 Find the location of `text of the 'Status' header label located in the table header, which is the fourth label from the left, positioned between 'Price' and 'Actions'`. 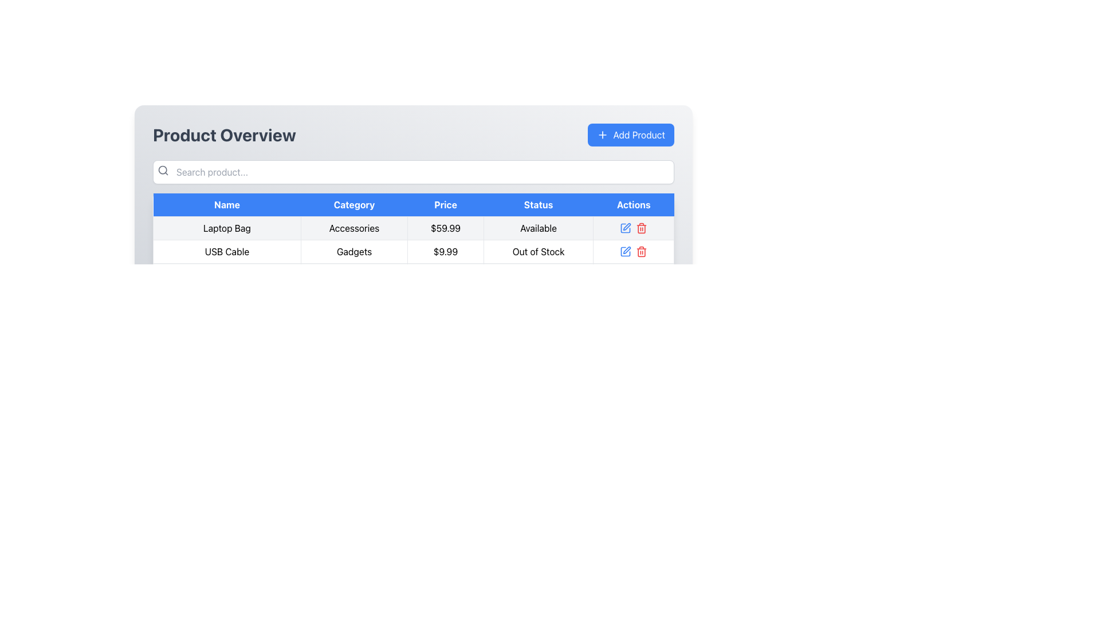

text of the 'Status' header label located in the table header, which is the fourth label from the left, positioned between 'Price' and 'Actions' is located at coordinates (538, 204).